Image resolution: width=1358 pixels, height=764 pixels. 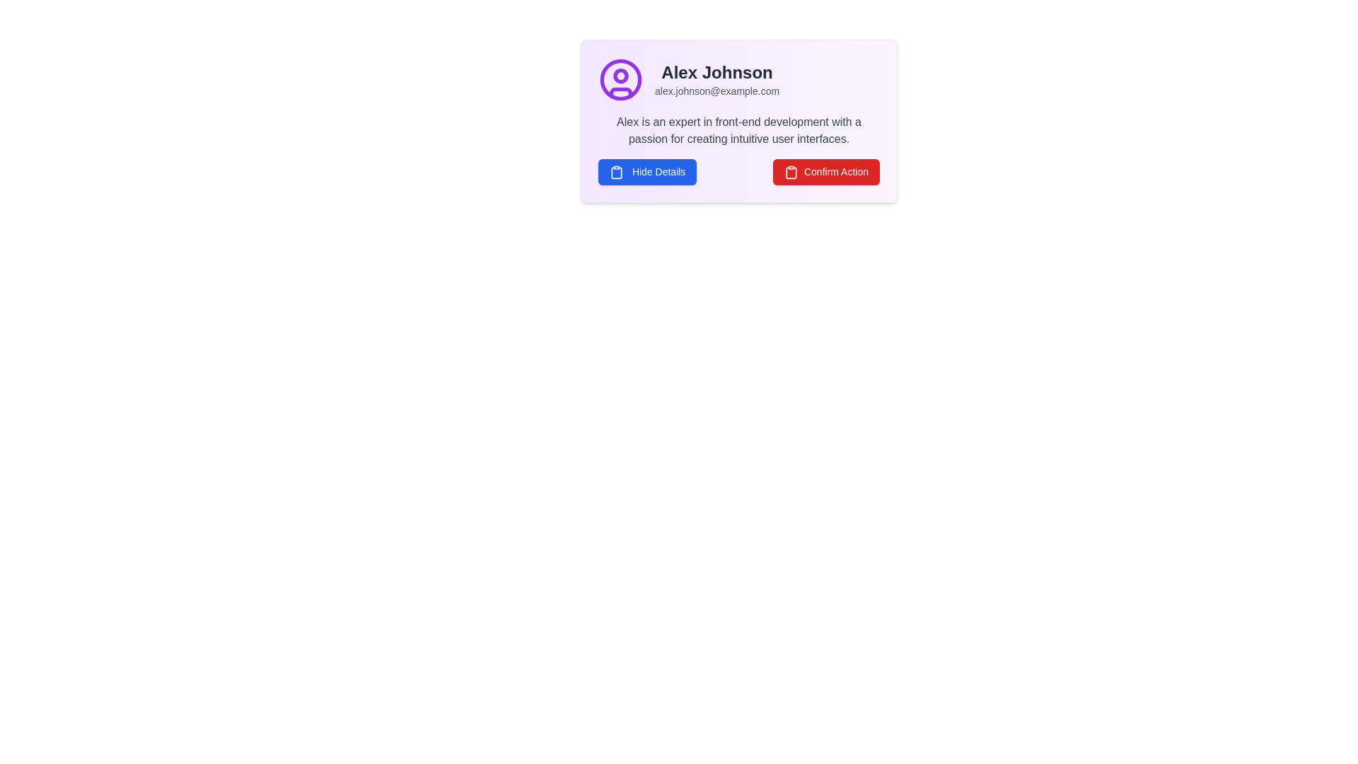 I want to click on the first button in the horizontal layout located in the bottom-left corner of the user's profile details section, so click(x=646, y=171).